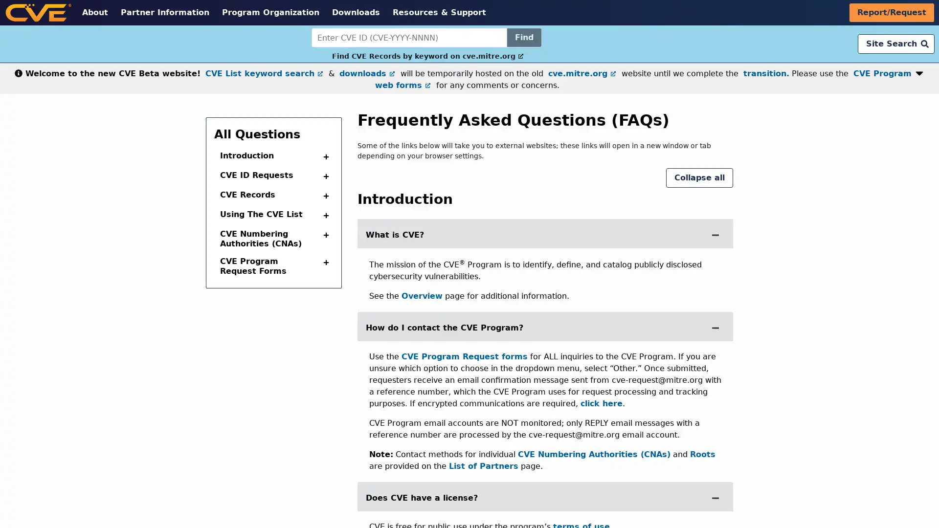 The image size is (939, 528). I want to click on expand, so click(324, 215).